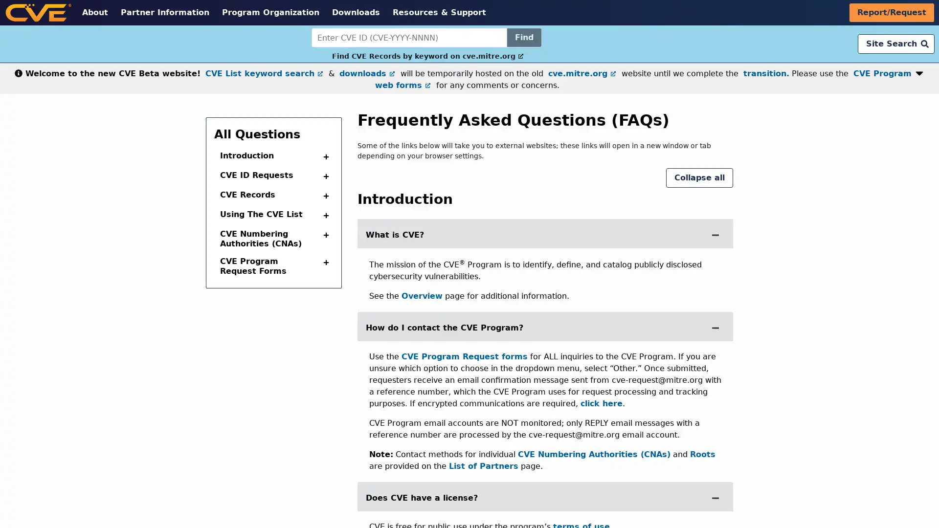 The image size is (939, 528). I want to click on expand, so click(324, 215).